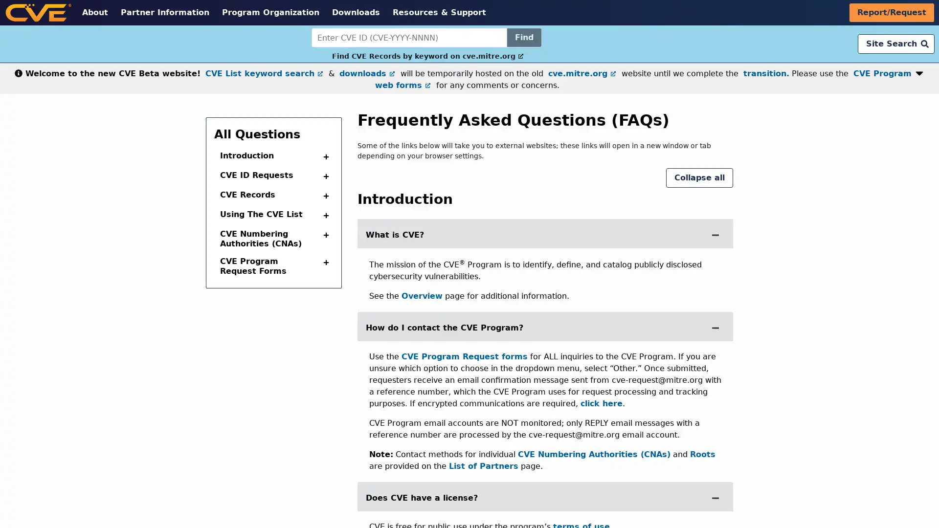 The image size is (939, 528). I want to click on expand, so click(324, 215).